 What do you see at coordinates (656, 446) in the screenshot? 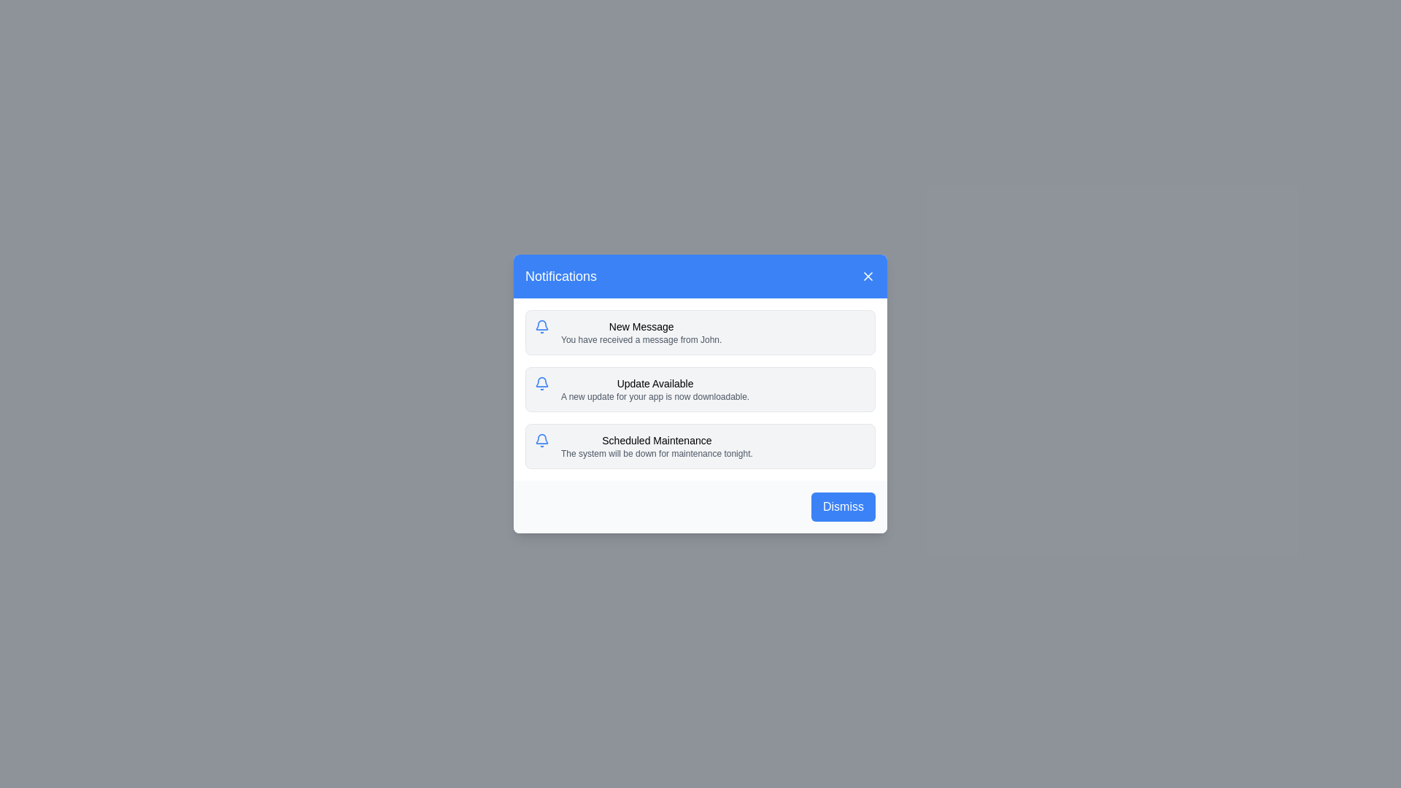
I see `the third notification card in the vertical list of notifications within the modal dialog, which conveys information about scheduled system maintenance` at bounding box center [656, 446].